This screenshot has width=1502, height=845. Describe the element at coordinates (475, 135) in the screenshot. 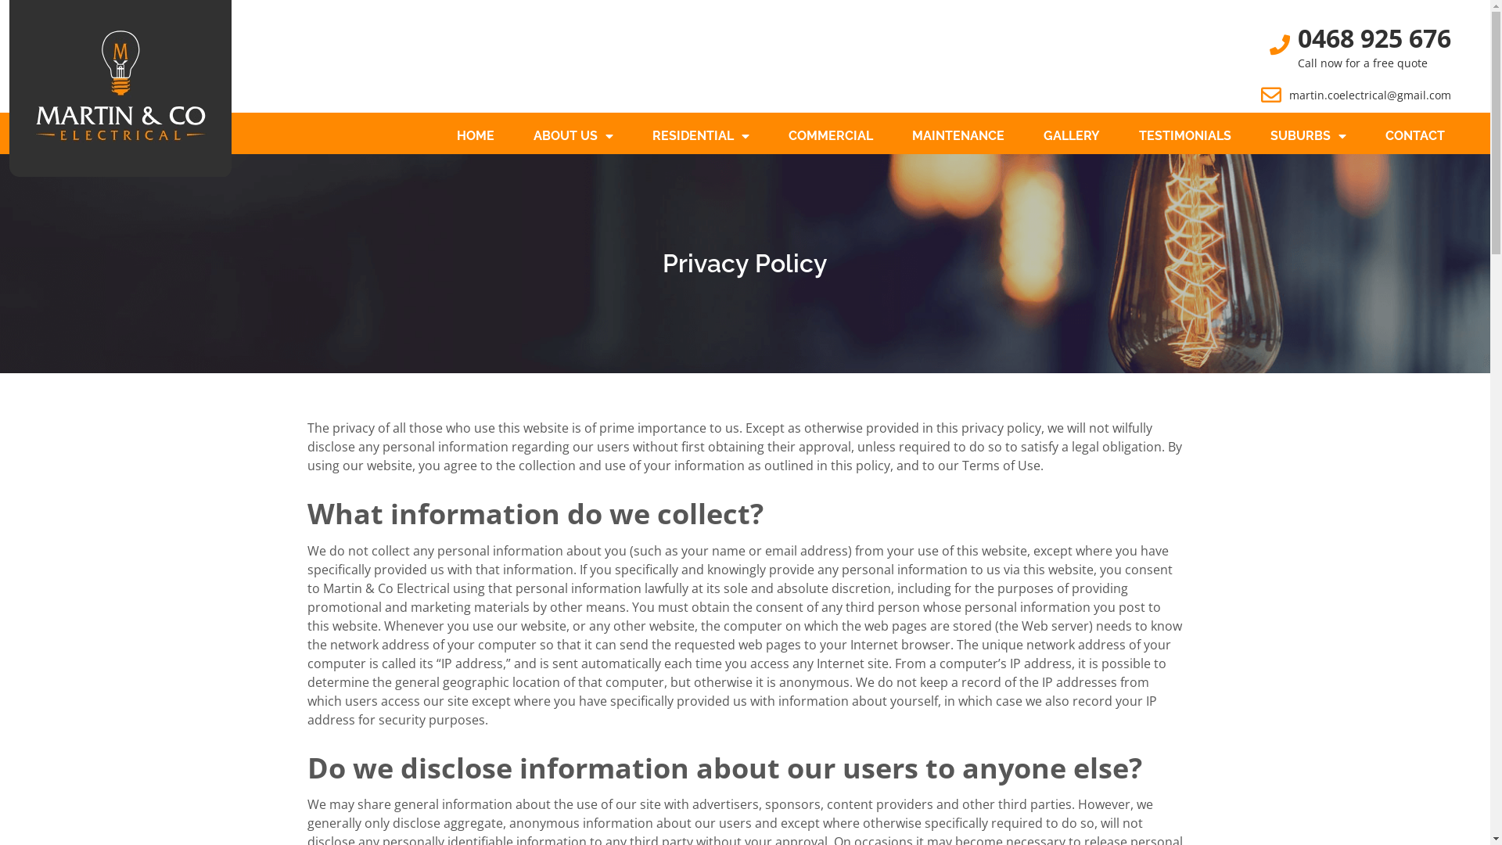

I see `'HOME'` at that location.